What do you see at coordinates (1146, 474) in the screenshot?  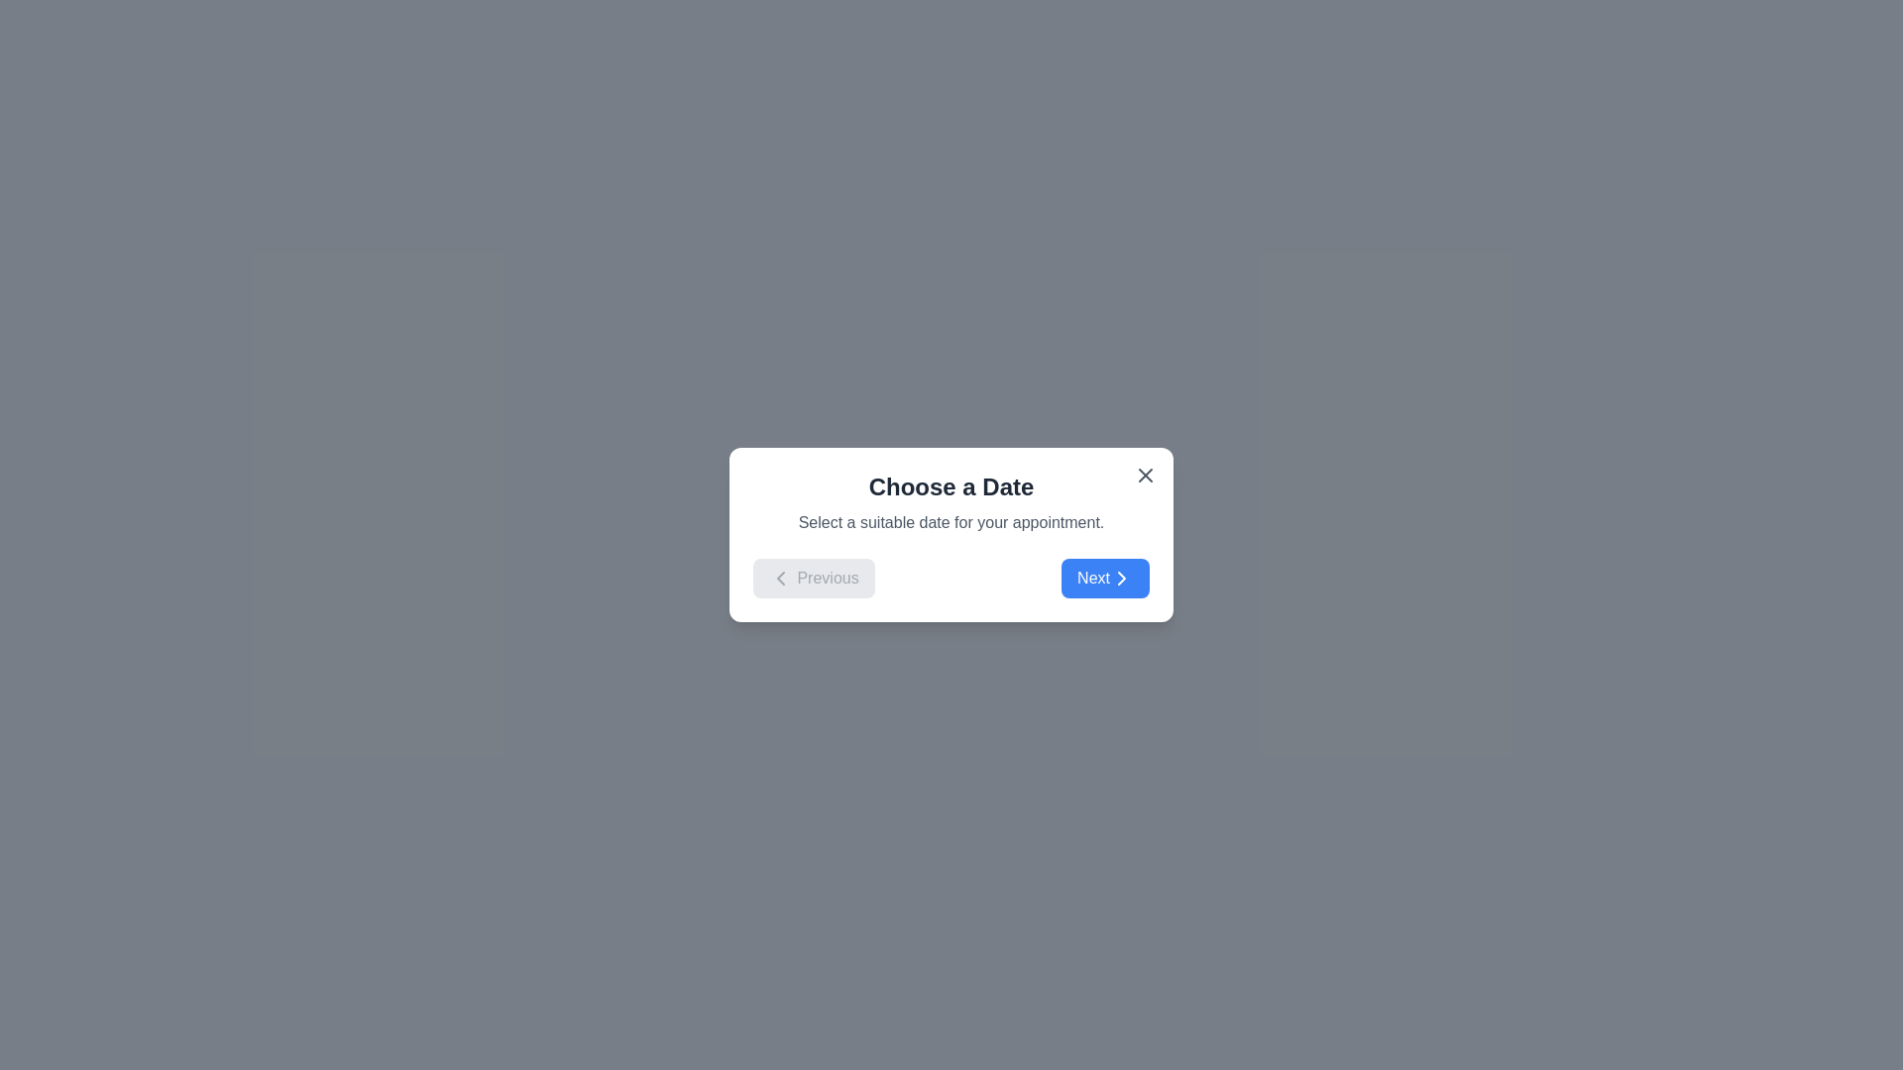 I see `the 'close' button icon, which is a small minimalist icon with two intersecting lines forming an 'X', located in the top-right corner of the dialog box titled 'Choose a Date'` at bounding box center [1146, 474].